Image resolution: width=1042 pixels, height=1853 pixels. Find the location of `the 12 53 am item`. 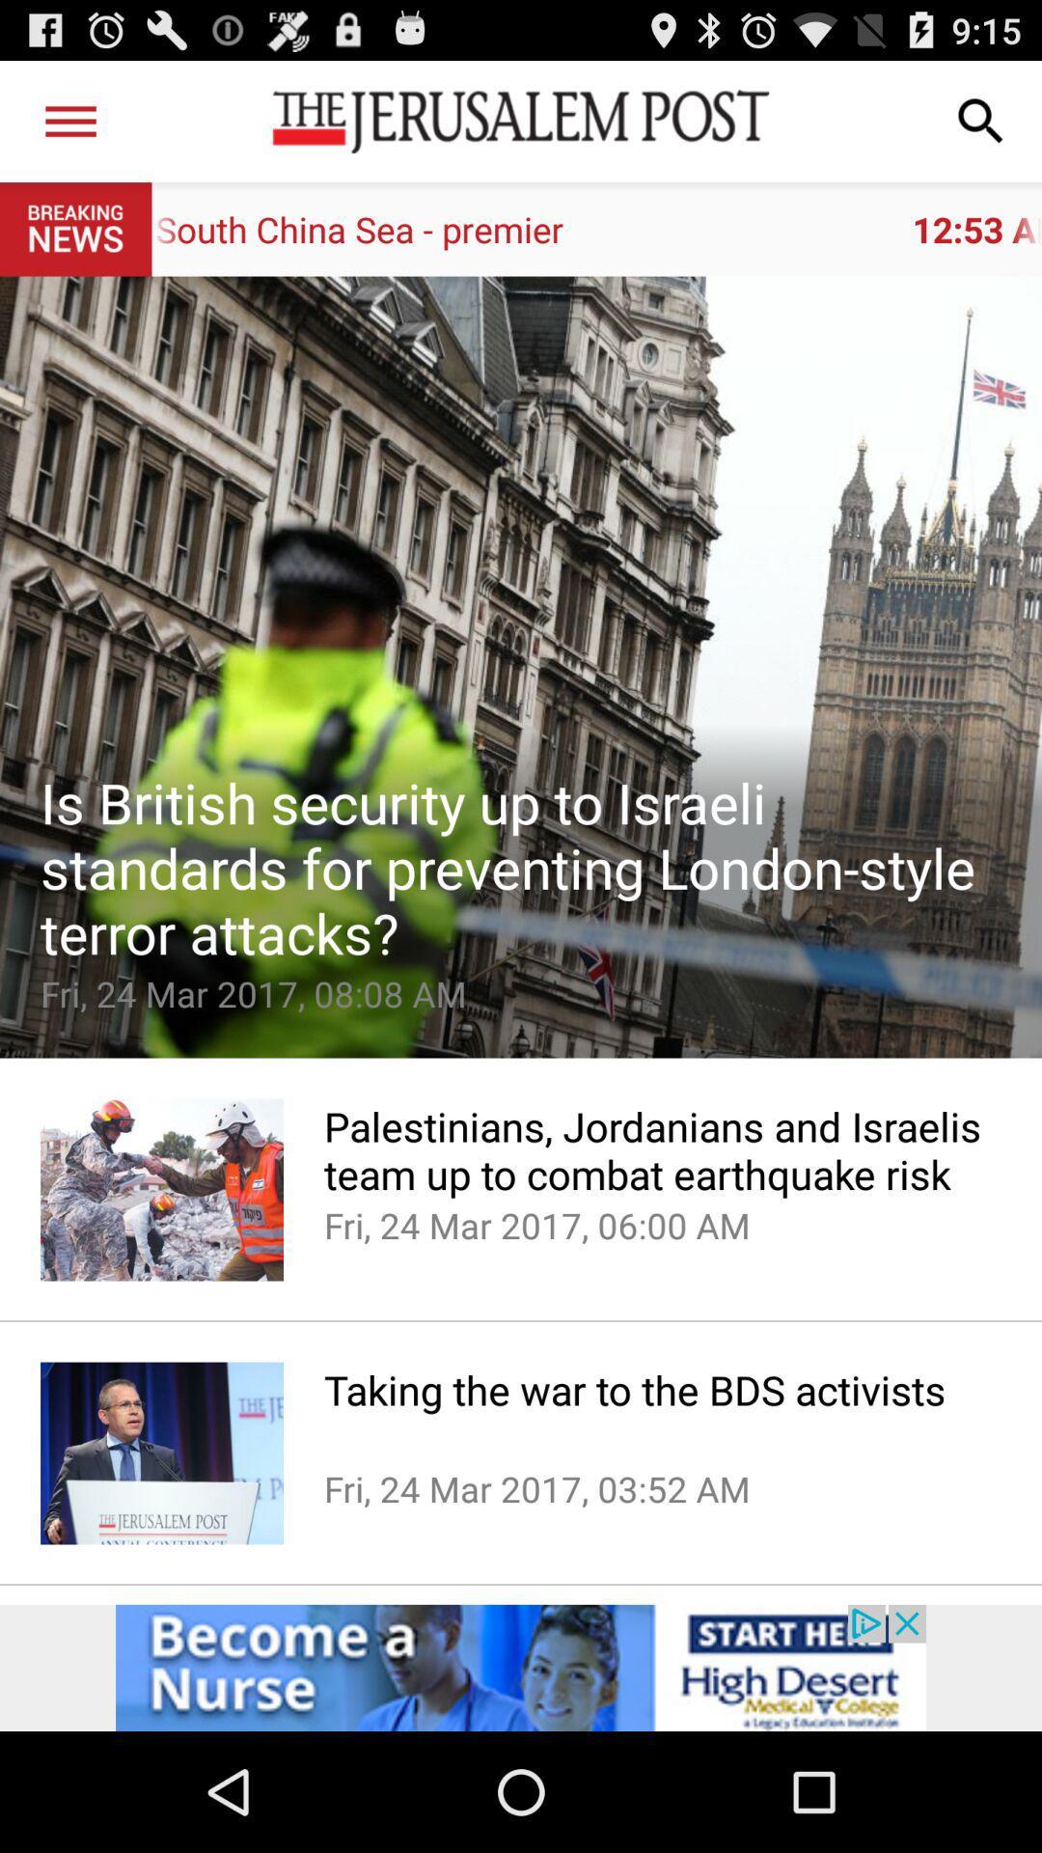

the 12 53 am item is located at coordinates (595, 229).